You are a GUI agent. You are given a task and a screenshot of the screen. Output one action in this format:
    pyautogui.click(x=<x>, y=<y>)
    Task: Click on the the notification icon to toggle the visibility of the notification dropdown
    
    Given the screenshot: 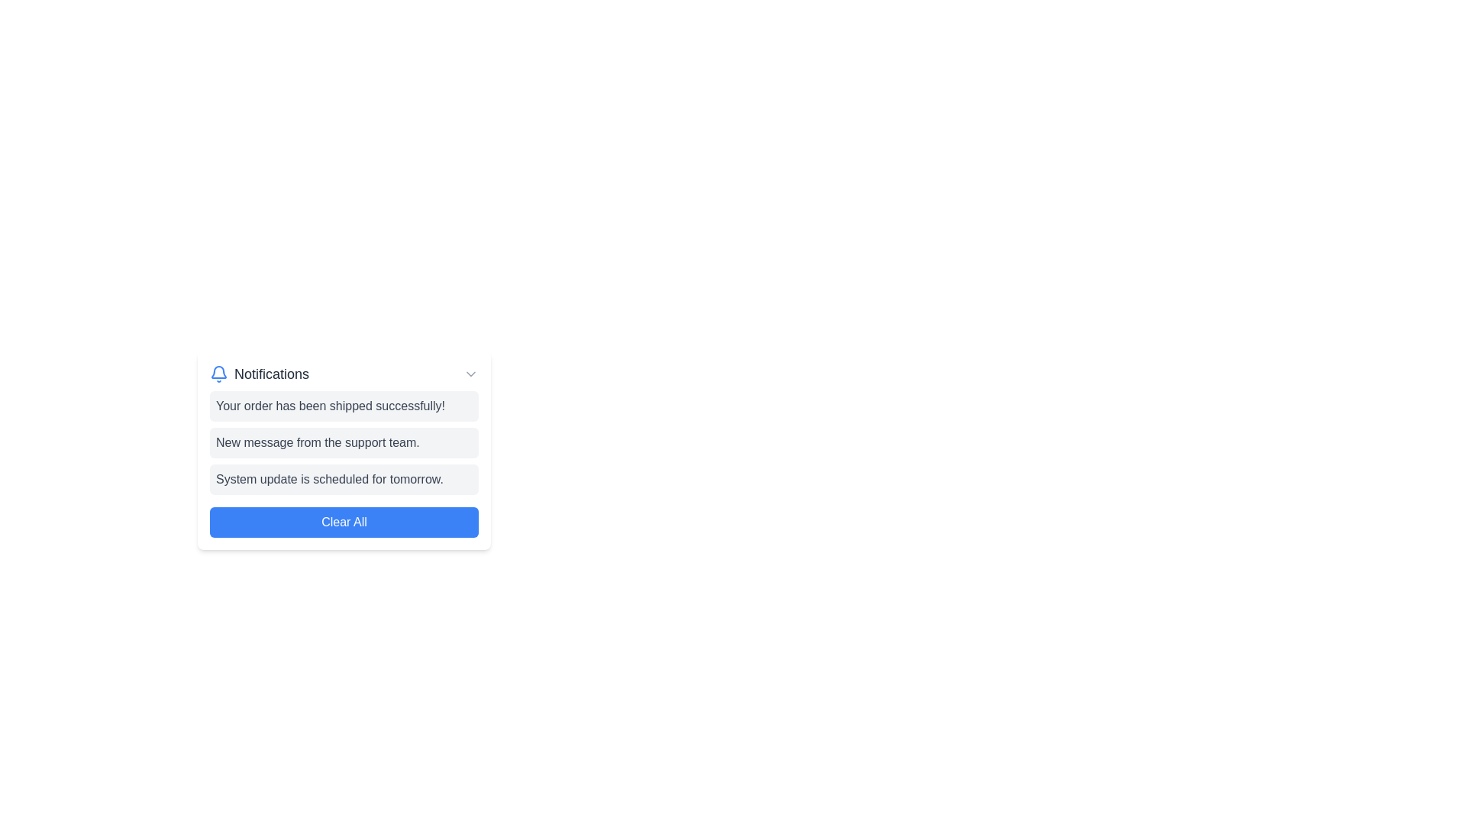 What is the action you would take?
    pyautogui.click(x=218, y=374)
    